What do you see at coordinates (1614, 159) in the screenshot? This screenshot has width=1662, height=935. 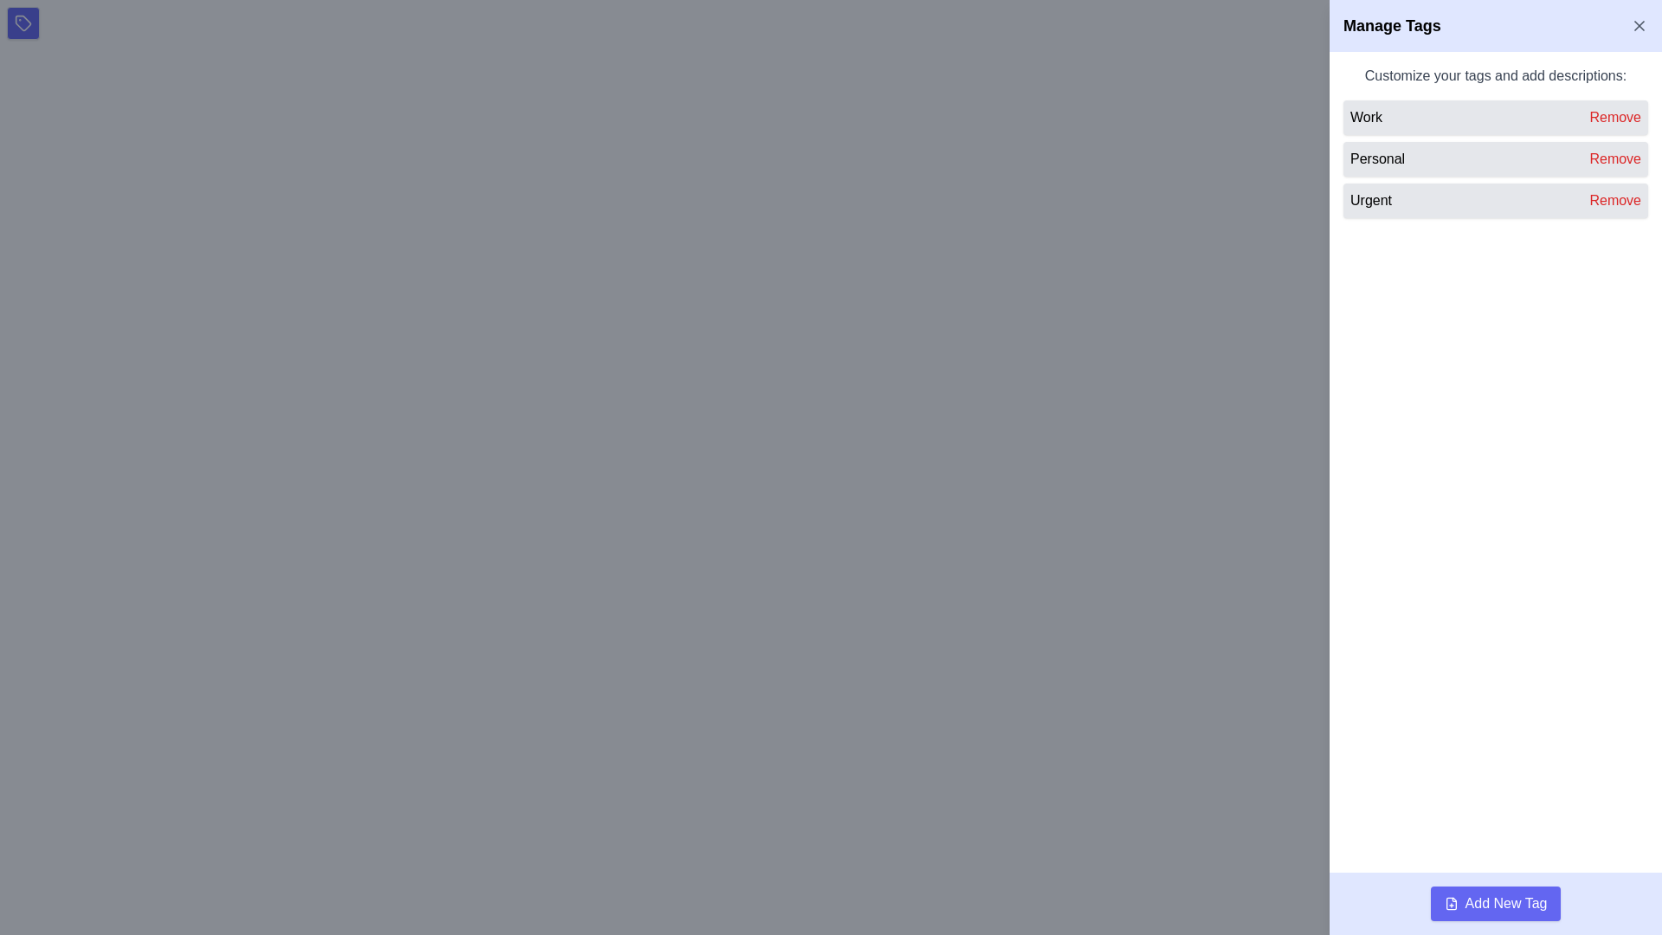 I see `the button that removes the 'Personal' tag, located in the second list item under the 'Manage Tags' section, to the right of the tag label 'Personal'` at bounding box center [1614, 159].